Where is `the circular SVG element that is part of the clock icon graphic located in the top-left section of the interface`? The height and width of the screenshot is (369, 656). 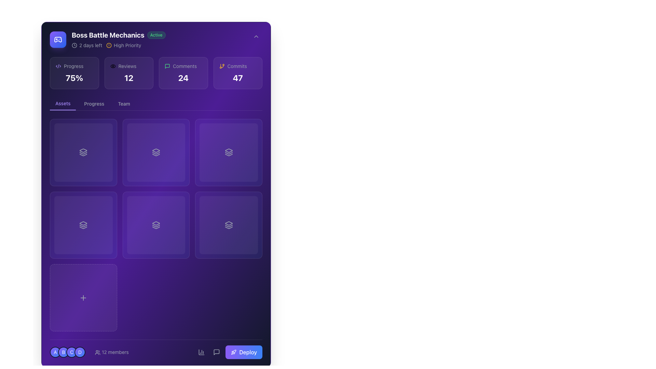
the circular SVG element that is part of the clock icon graphic located in the top-left section of the interface is located at coordinates (74, 45).